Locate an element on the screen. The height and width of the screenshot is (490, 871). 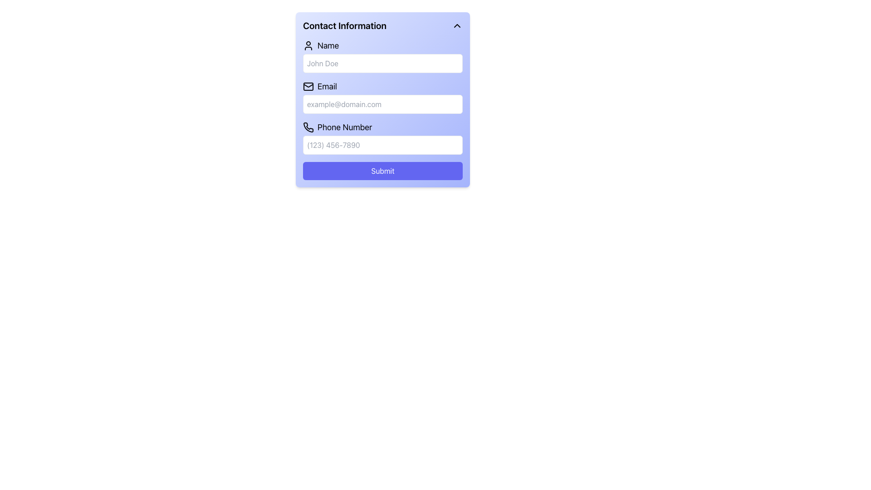
the Icon Component, which is a rectangular block with rounded corners located inside the envelope icon adjacent to the email label on the Contact Information form is located at coordinates (308, 87).